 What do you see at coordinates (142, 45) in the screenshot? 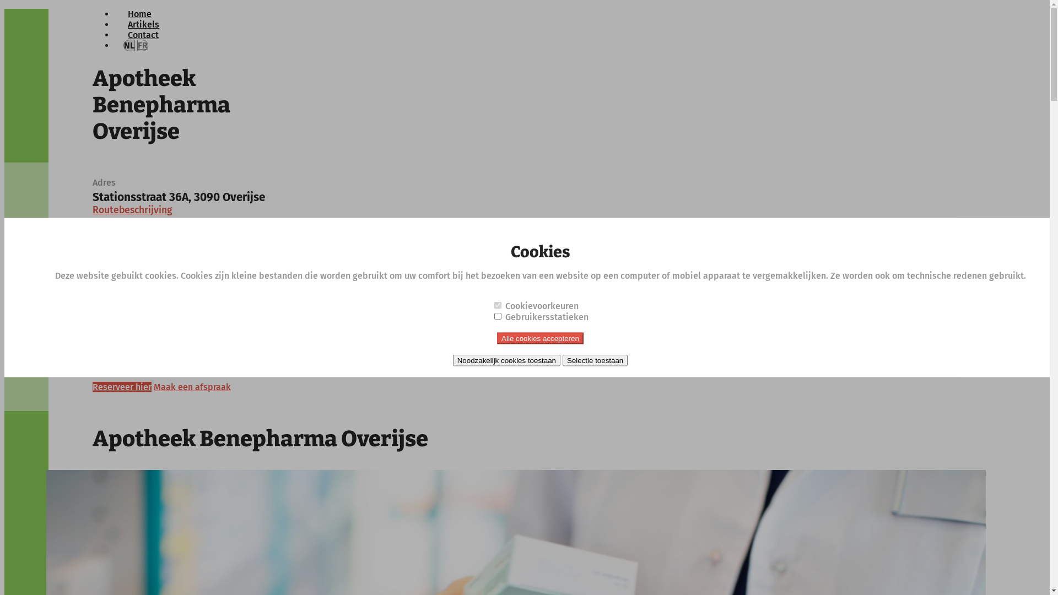
I see `'FR'` at bounding box center [142, 45].